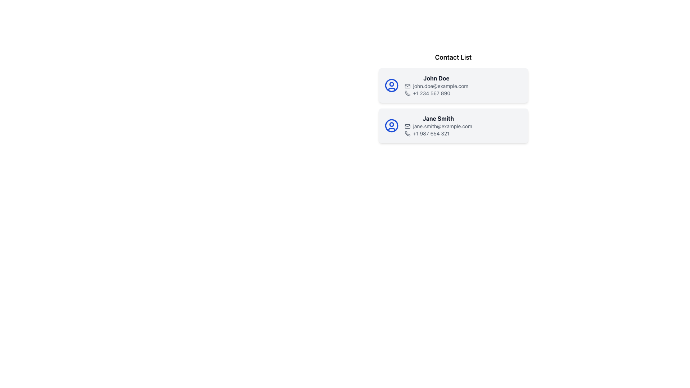  Describe the element at coordinates (407, 126) in the screenshot. I see `the envelope icon located to the immediate left of the email text 'jane.smith@example.com' in the second contact entry under 'Jane Smith'` at that location.